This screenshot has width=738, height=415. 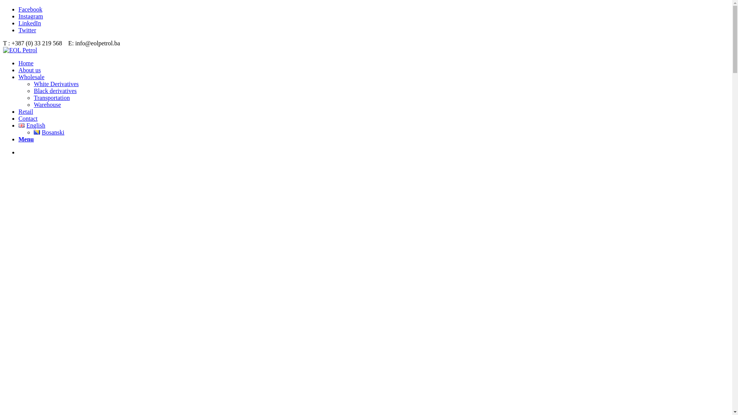 I want to click on 'Retail', so click(x=26, y=111).